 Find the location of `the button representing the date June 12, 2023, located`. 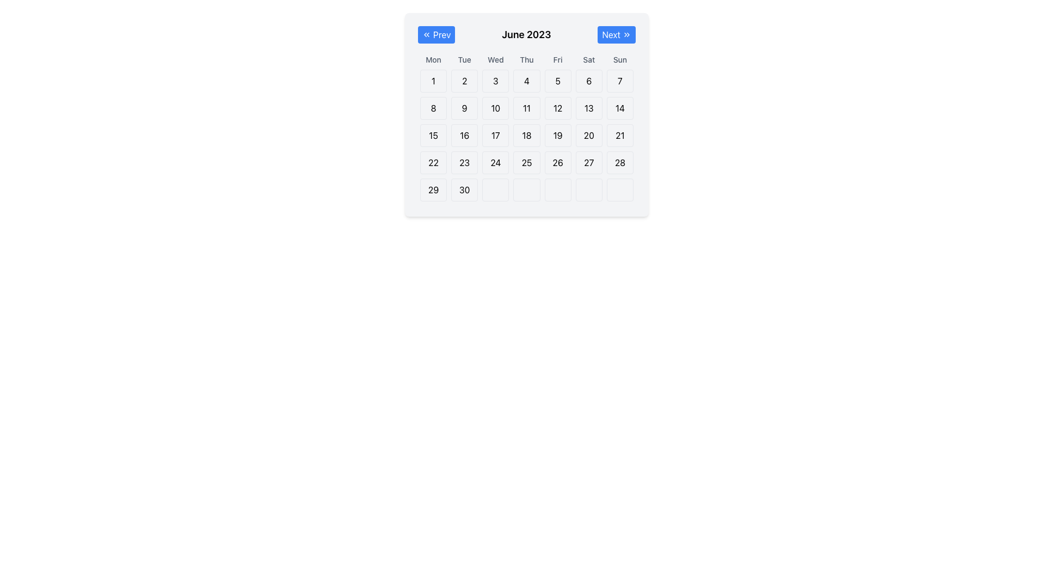

the button representing the date June 12, 2023, located is located at coordinates (558, 108).